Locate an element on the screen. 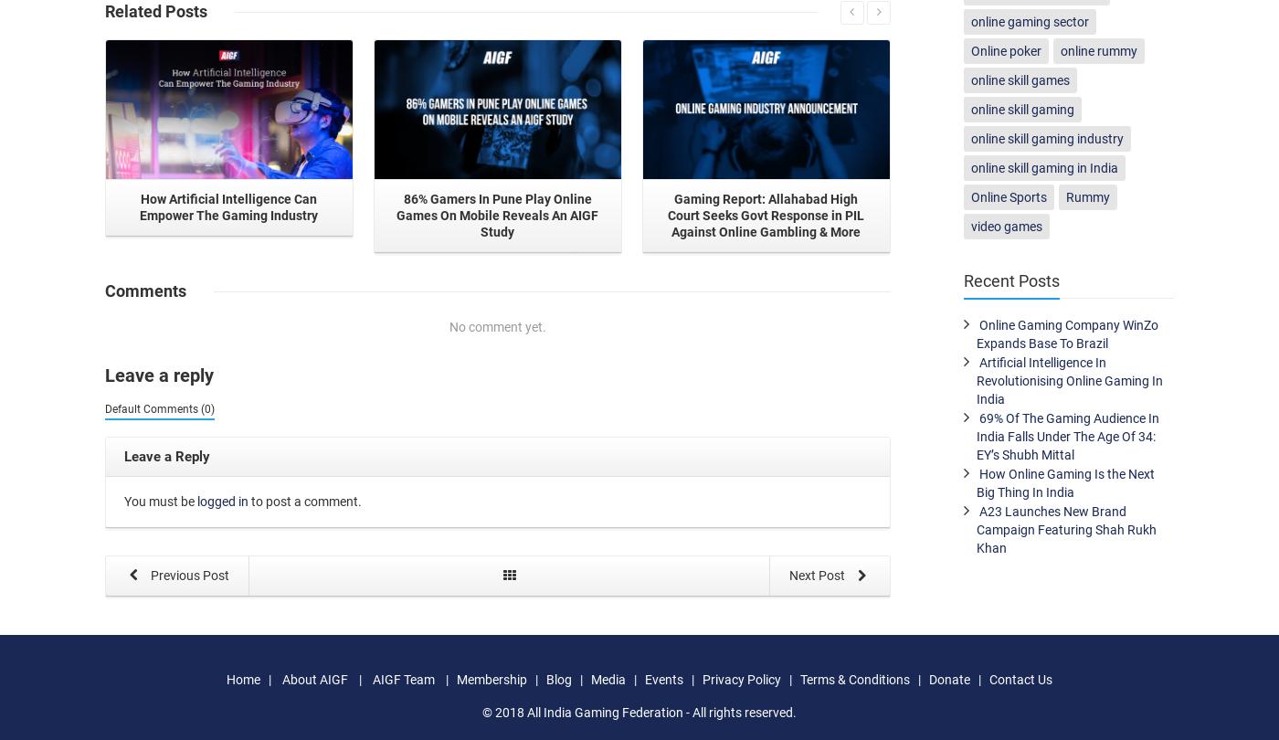 This screenshot has width=1279, height=740. 'video games' is located at coordinates (1006, 226).